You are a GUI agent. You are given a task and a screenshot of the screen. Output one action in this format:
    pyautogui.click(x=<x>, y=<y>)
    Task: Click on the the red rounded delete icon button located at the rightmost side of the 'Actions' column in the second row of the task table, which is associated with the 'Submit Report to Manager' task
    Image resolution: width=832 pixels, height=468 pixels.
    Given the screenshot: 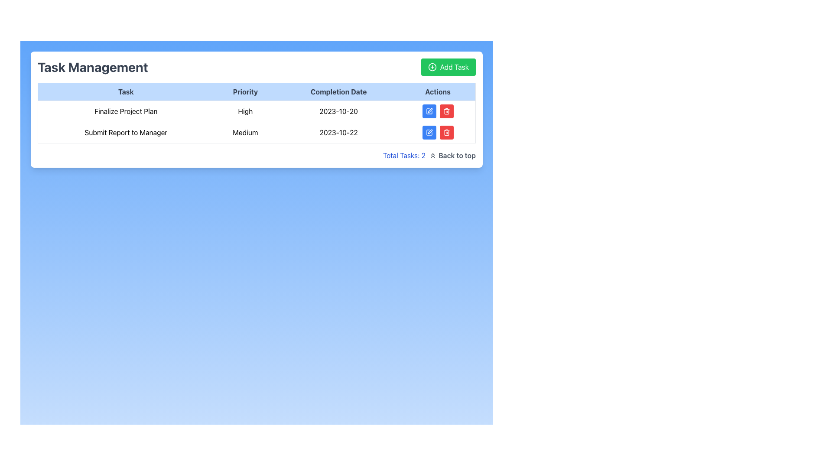 What is the action you would take?
    pyautogui.click(x=446, y=132)
    